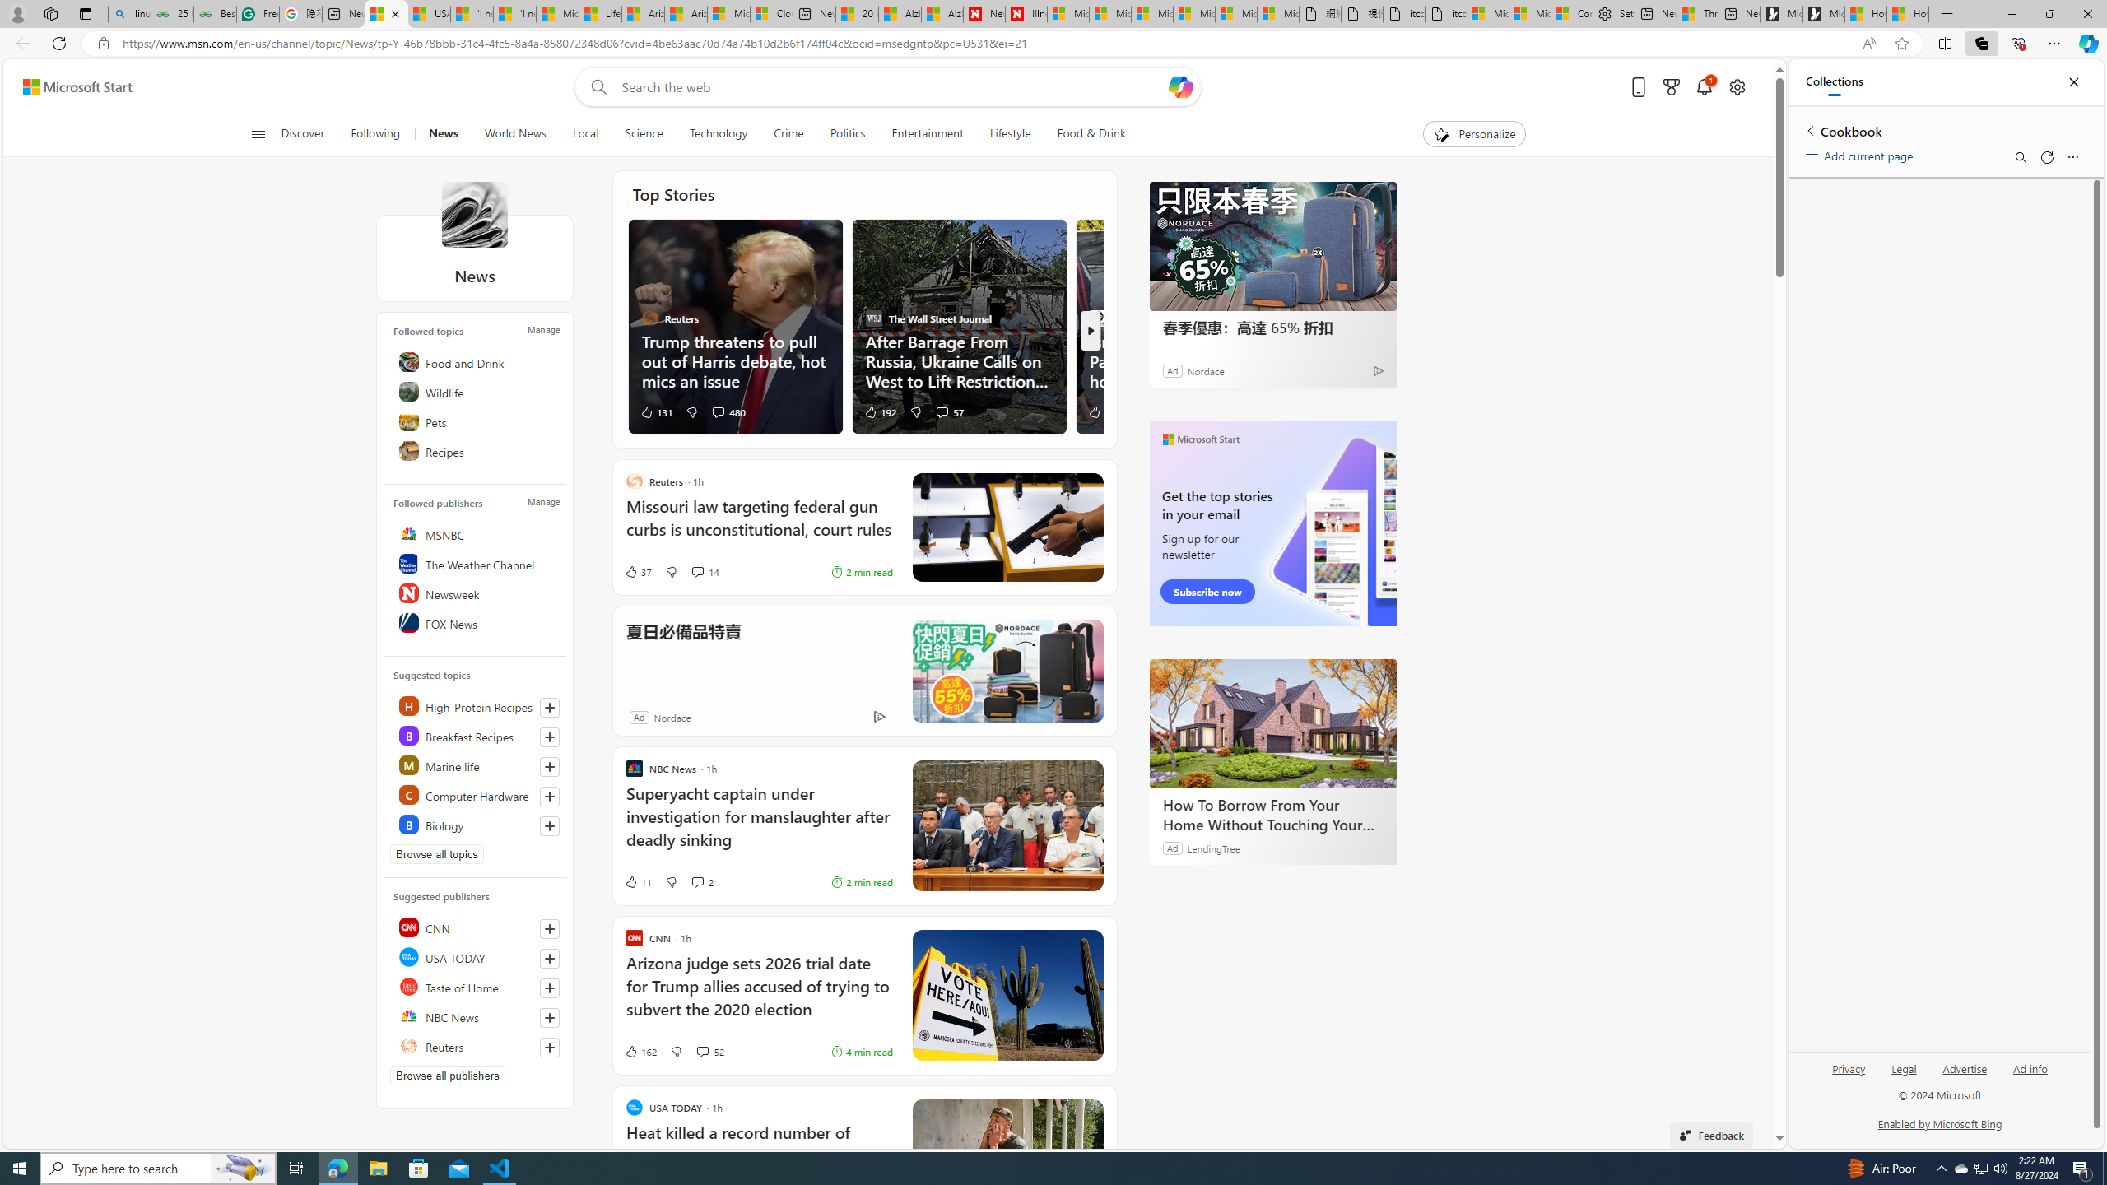 This screenshot has width=2107, height=1185. I want to click on 'View comments 14 Comment', so click(705, 570).